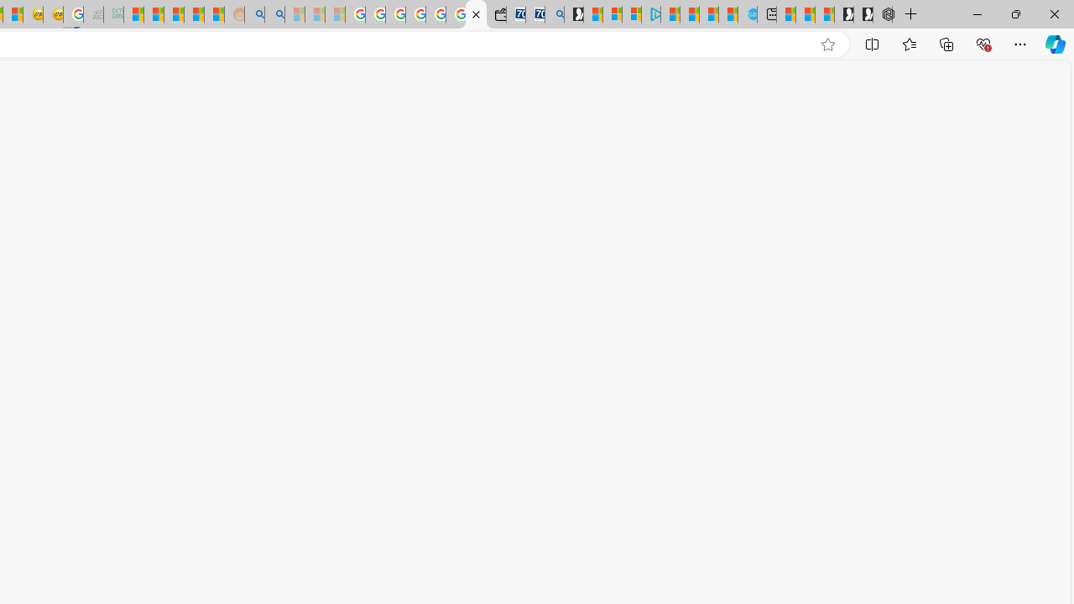 The width and height of the screenshot is (1074, 604). I want to click on 'Bing Real Estate - Home sales and rental listings', so click(555, 14).